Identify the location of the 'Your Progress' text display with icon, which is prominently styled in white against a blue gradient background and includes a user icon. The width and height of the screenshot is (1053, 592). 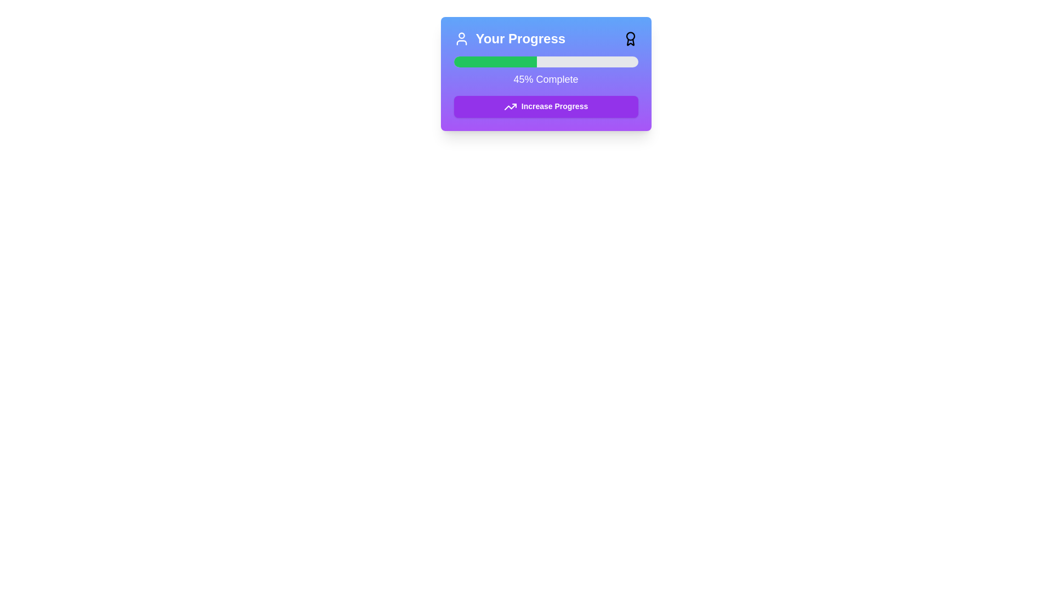
(509, 38).